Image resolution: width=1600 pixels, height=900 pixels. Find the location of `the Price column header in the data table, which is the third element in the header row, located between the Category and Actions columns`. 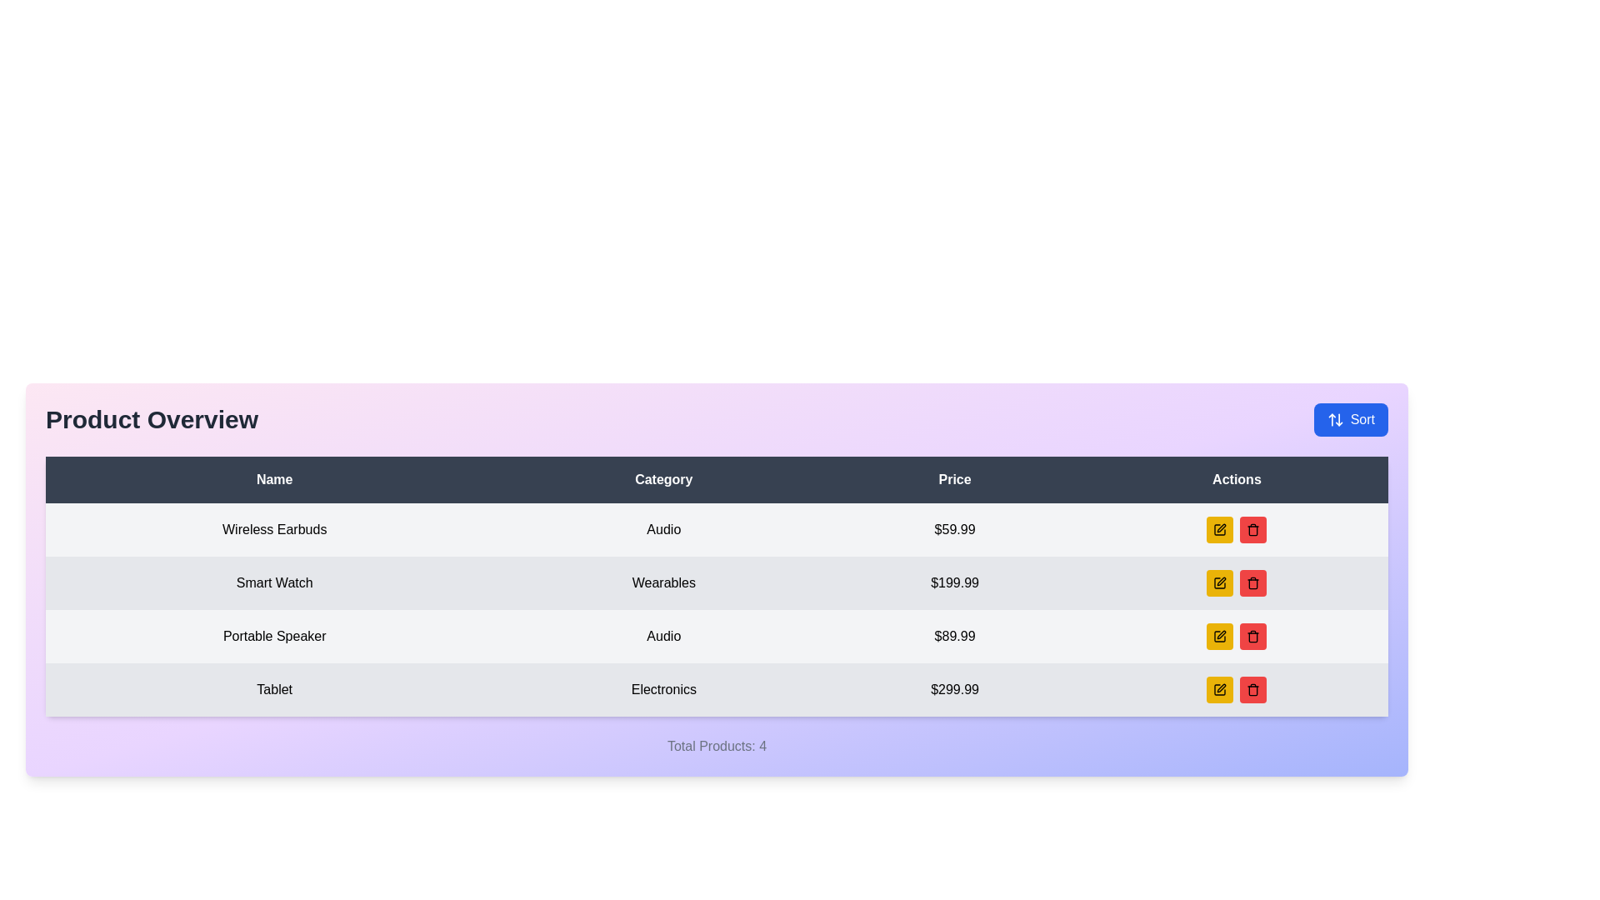

the Price column header in the data table, which is the third element in the header row, located between the Category and Actions columns is located at coordinates (955, 479).